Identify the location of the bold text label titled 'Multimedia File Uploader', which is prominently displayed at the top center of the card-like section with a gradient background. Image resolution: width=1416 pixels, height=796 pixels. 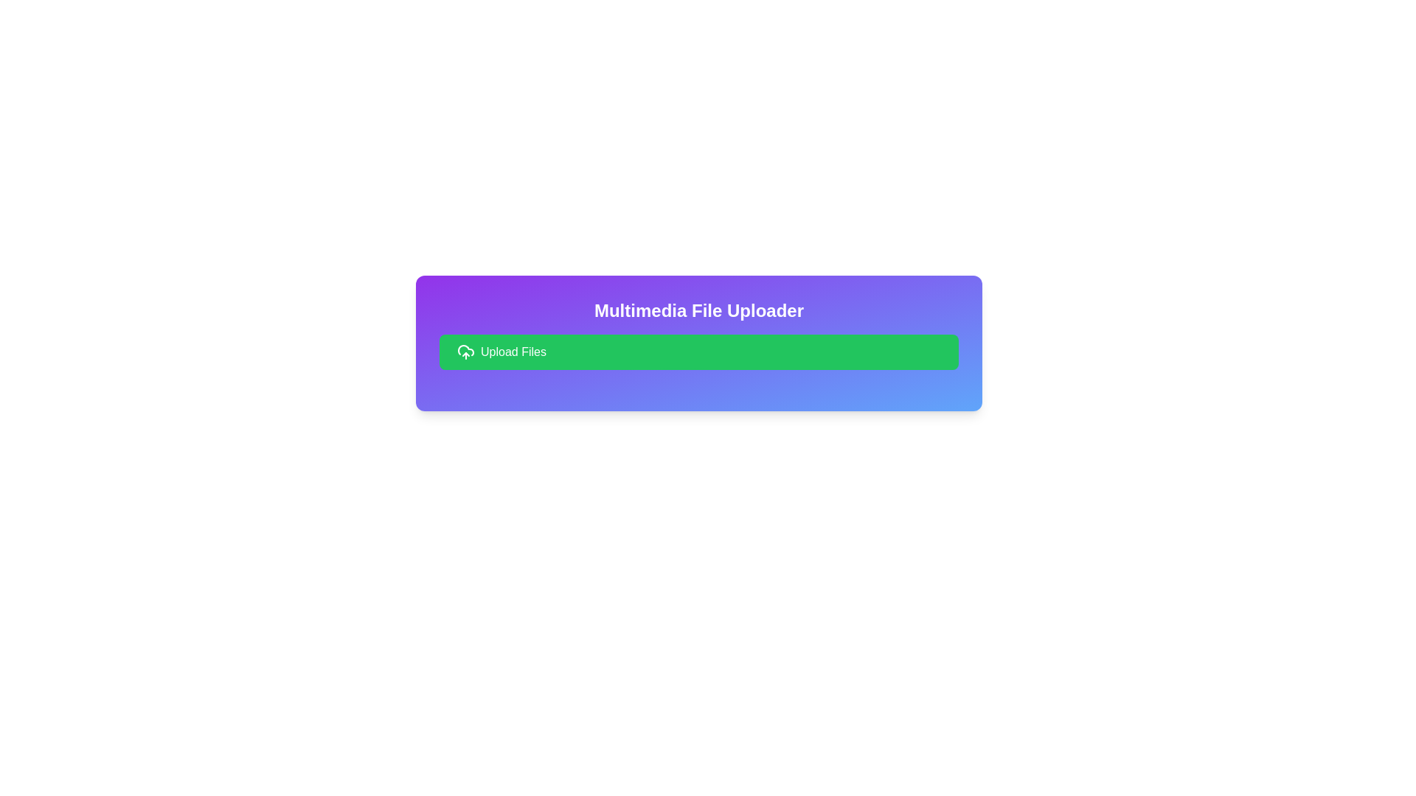
(698, 310).